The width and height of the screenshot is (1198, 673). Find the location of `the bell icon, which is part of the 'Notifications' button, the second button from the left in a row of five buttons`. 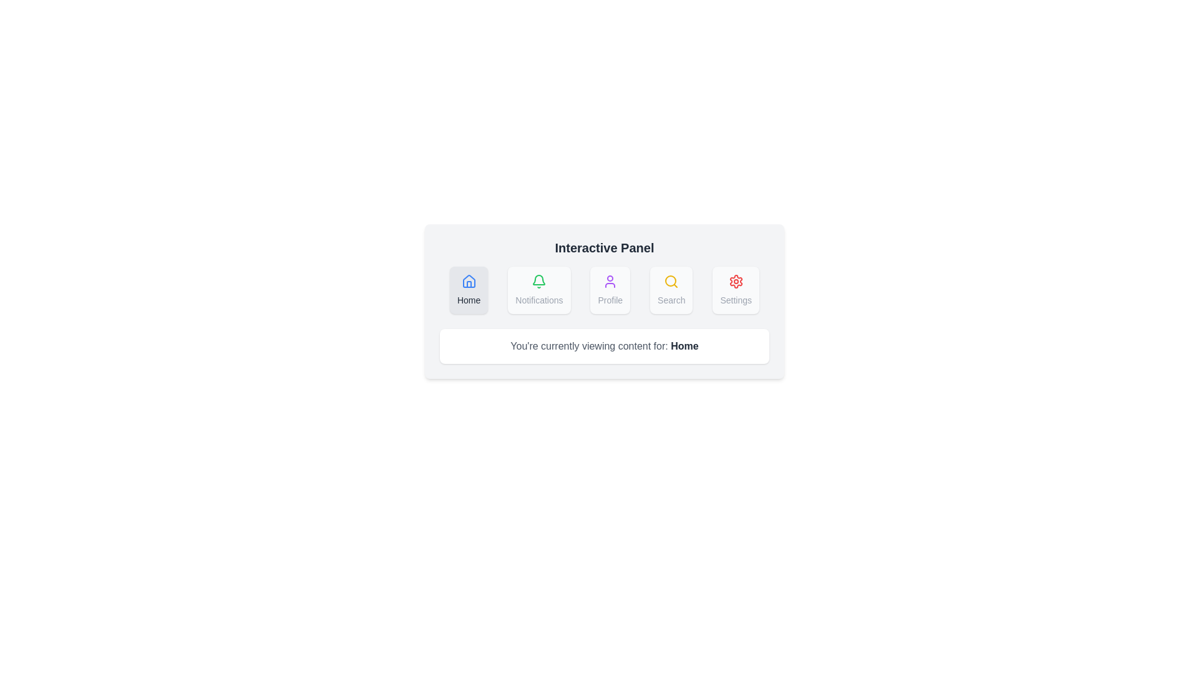

the bell icon, which is part of the 'Notifications' button, the second button from the left in a row of five buttons is located at coordinates (539, 281).